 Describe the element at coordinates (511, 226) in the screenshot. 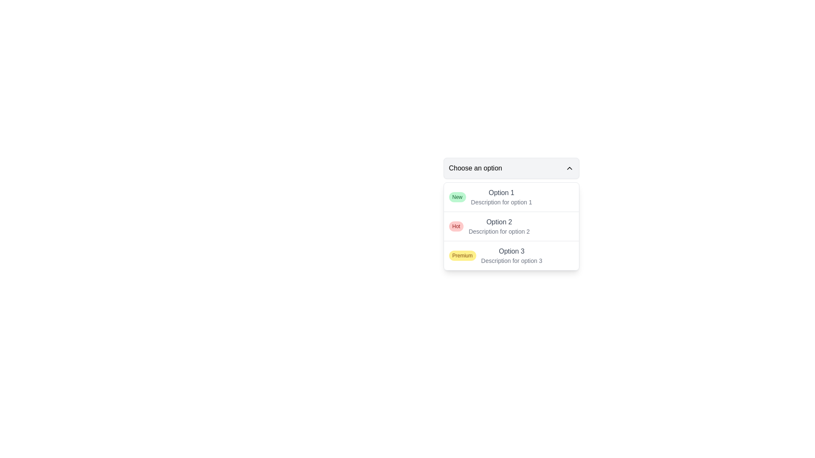

I see `text of the second selectable option in the vertical list, which is likely a recommended item, located in the dropdown or menu panel` at that location.